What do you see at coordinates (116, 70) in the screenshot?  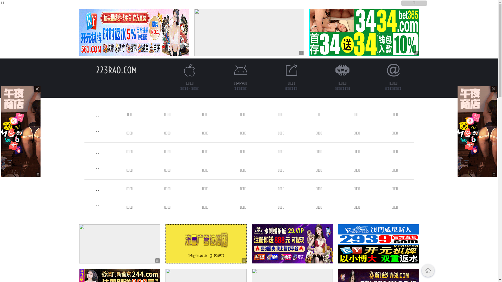 I see `'223RAO.COM'` at bounding box center [116, 70].